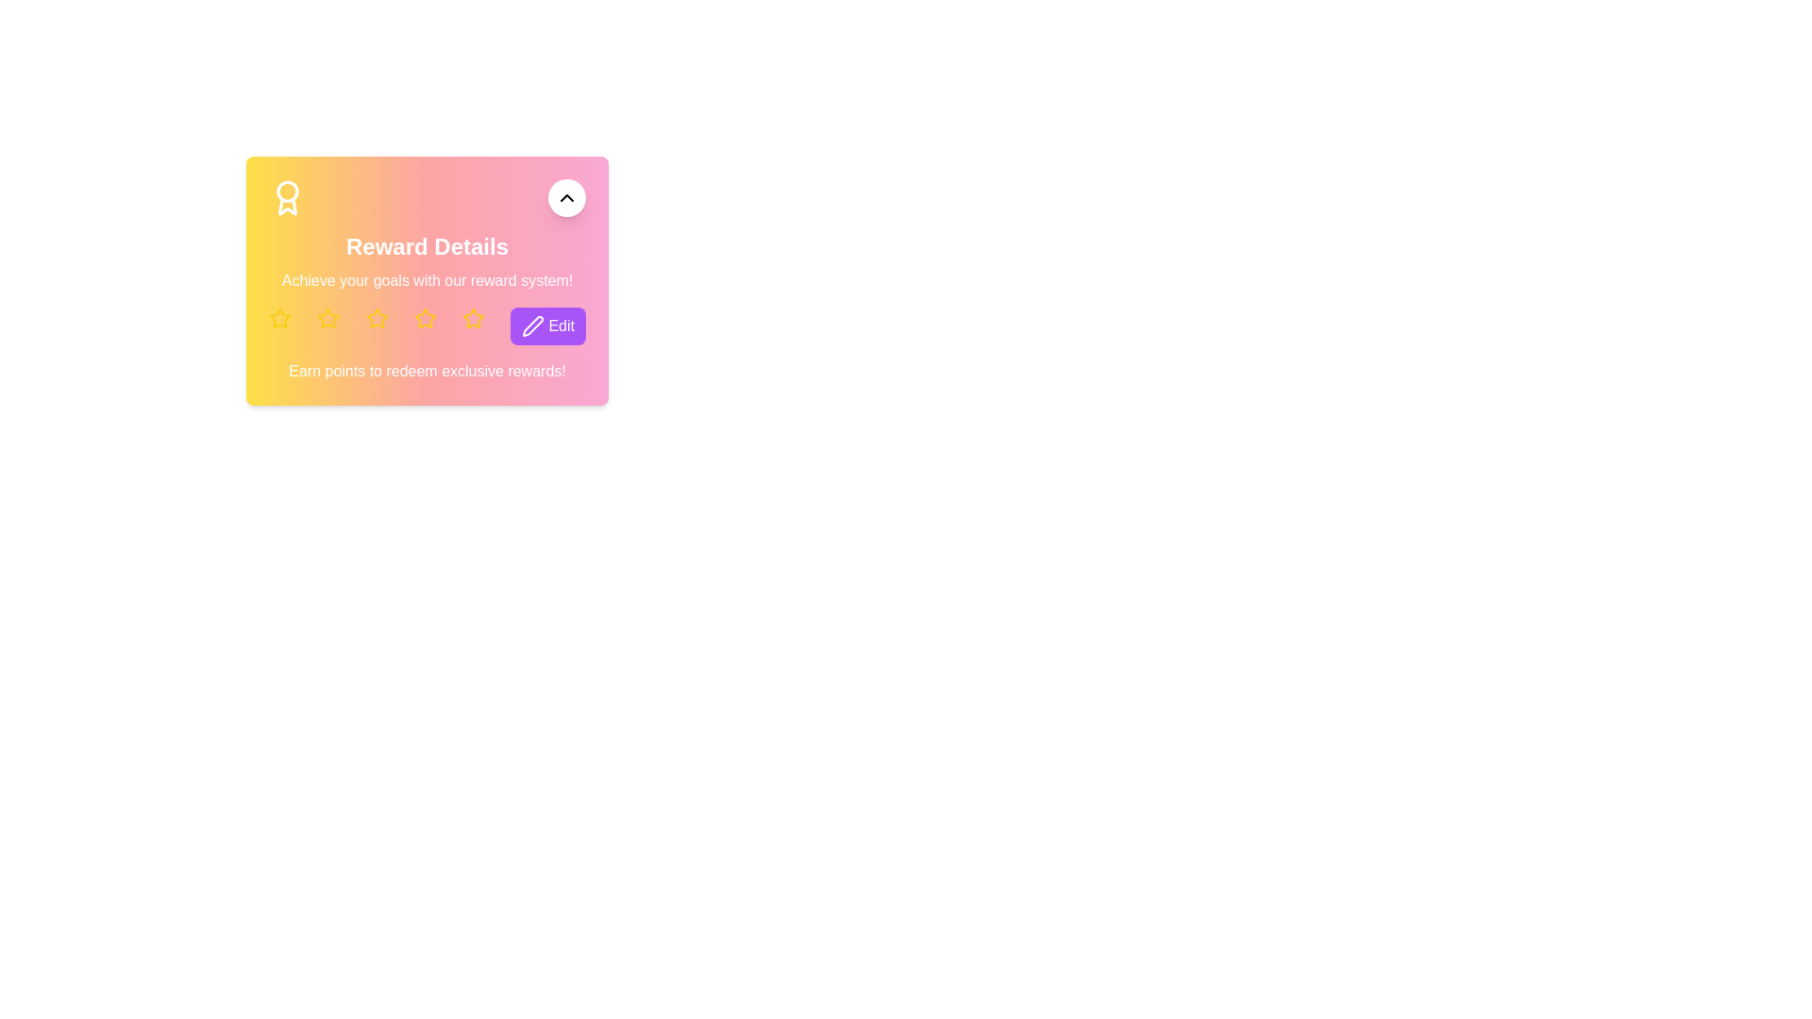 Image resolution: width=1812 pixels, height=1019 pixels. Describe the element at coordinates (426, 246) in the screenshot. I see `the Text Label that indicates the title of the reward section, positioned below the header and above the reward system explanation` at that location.